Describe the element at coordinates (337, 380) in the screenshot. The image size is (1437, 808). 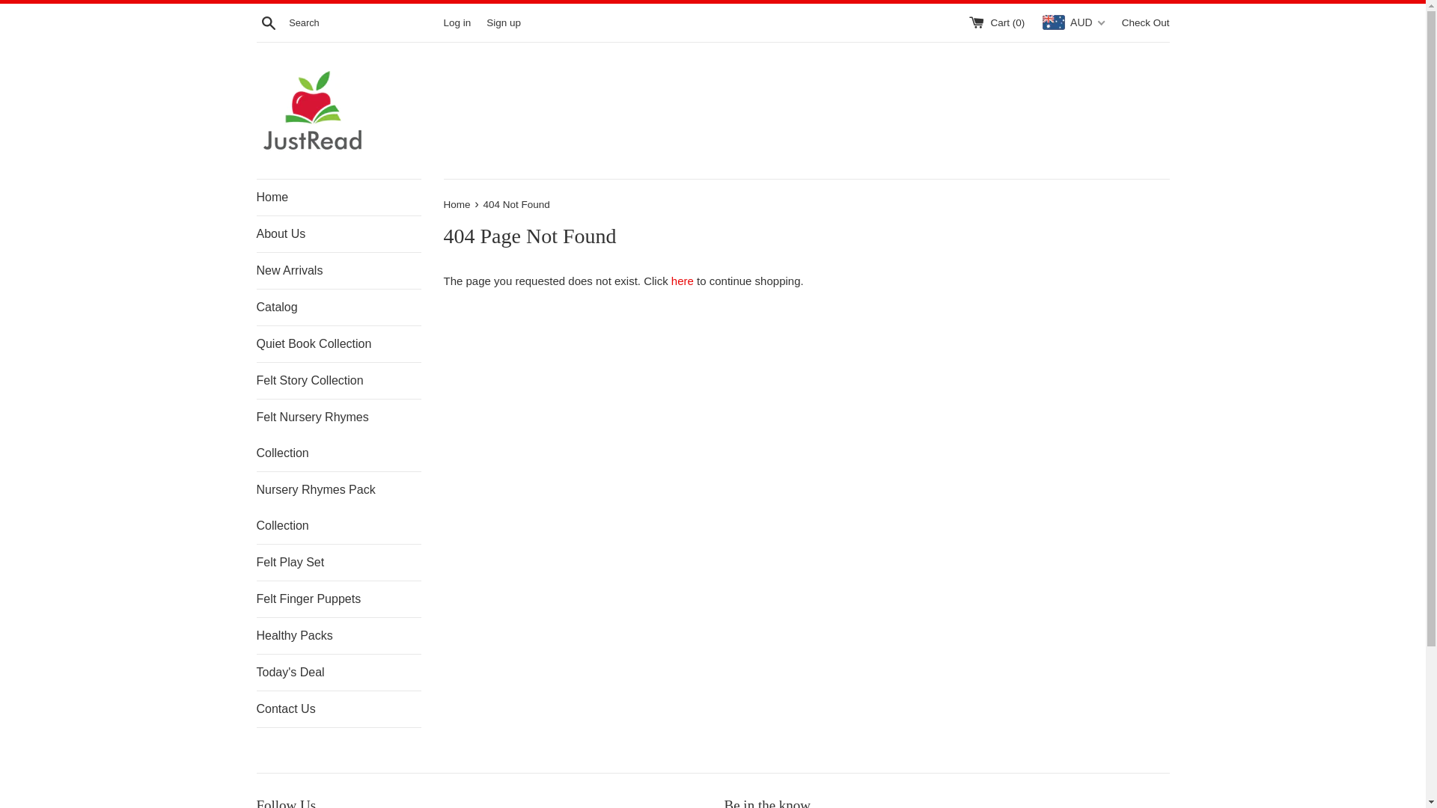
I see `'Felt Story Collection'` at that location.